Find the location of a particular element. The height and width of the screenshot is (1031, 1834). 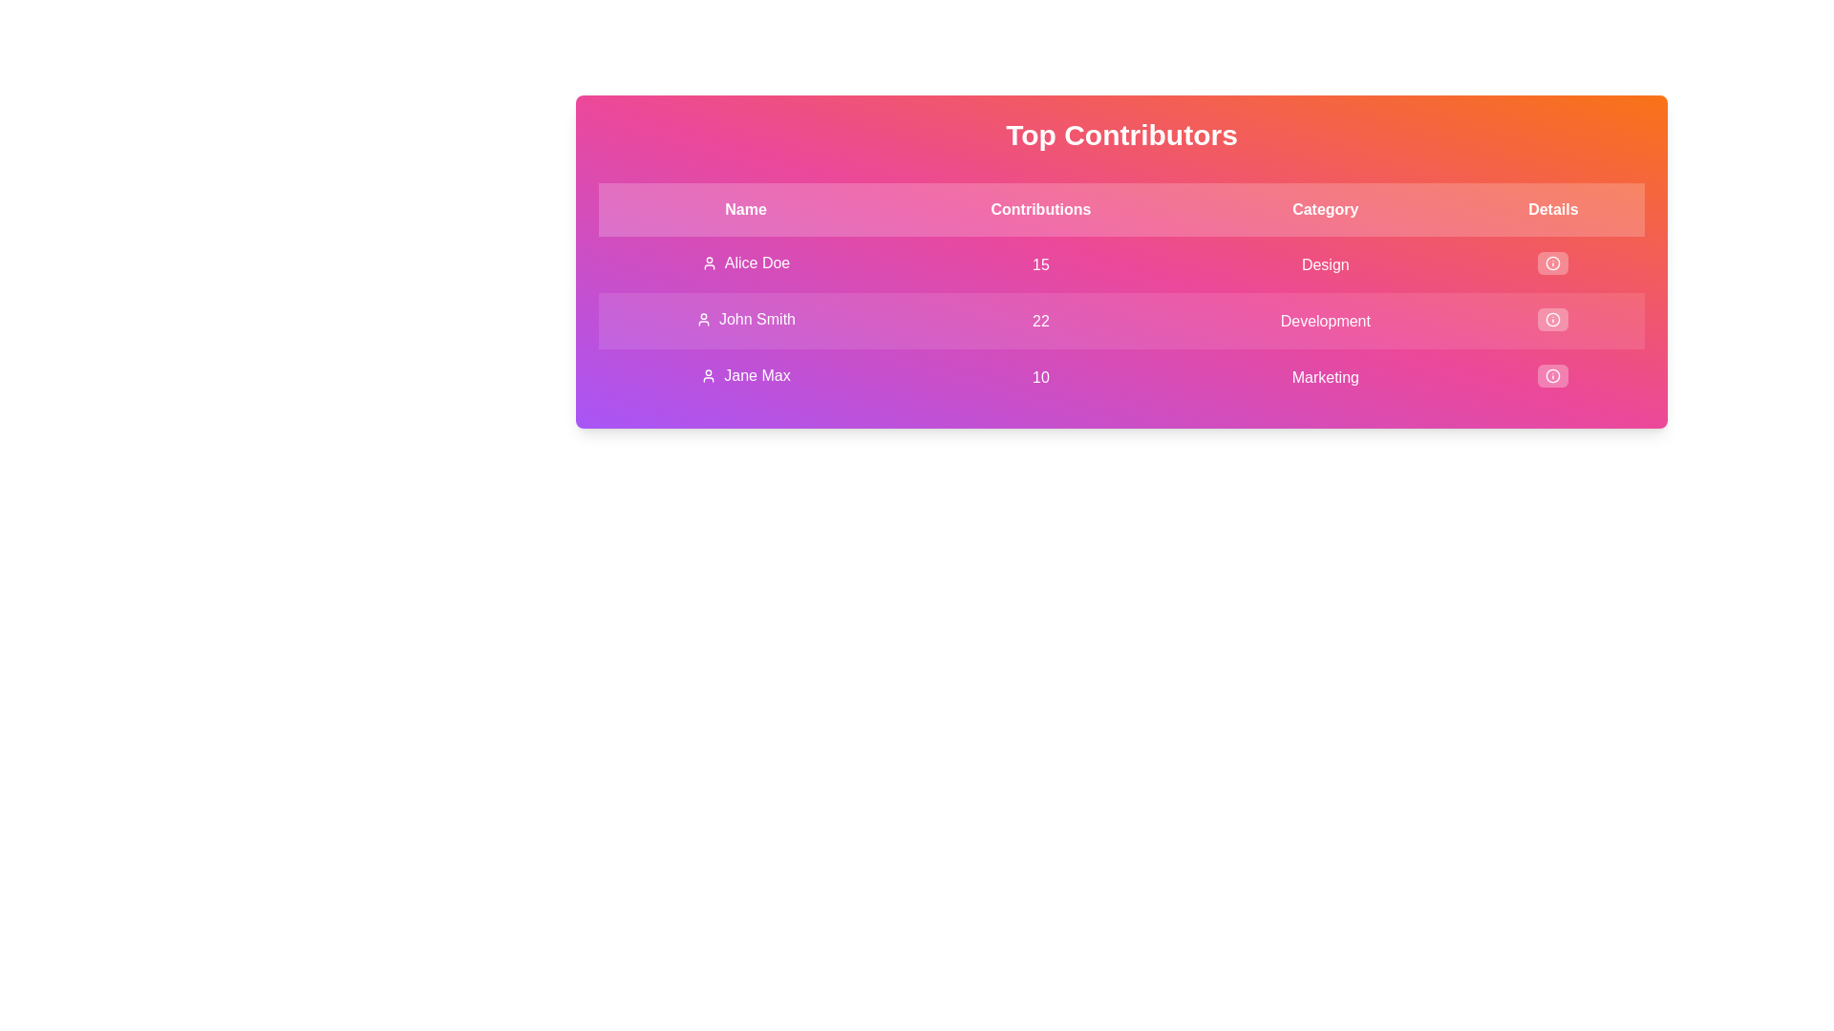

the contributions label for 'John Smith' located in the 'Contributions' column of the table, which is positioned between the 'Name' column and the 'Category' column is located at coordinates (1039, 320).